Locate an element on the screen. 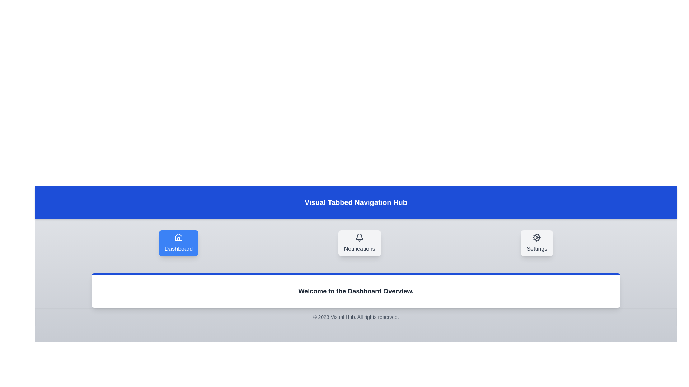  the 'Dashboard' icon located within the blue button in the navigation menu is located at coordinates (178, 238).